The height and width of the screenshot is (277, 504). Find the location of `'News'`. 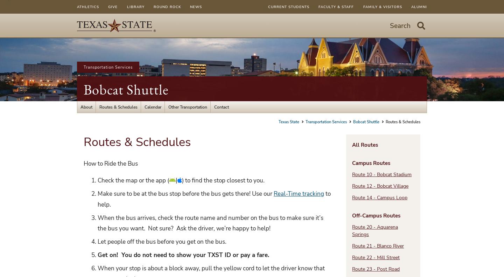

'News' is located at coordinates (196, 6).